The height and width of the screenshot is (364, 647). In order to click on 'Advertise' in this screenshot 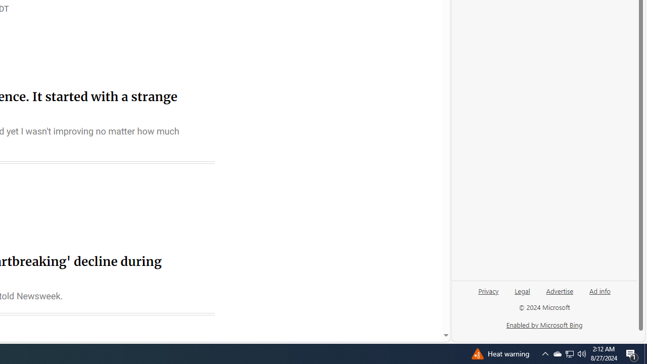, I will do `click(559, 295)`.